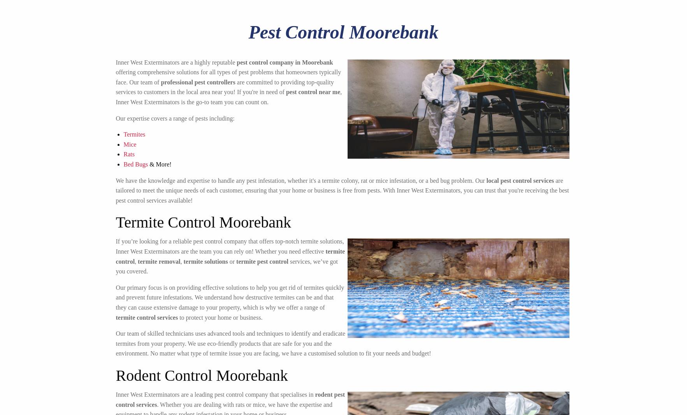 This screenshot has height=415, width=687. I want to click on 'Bed Bugs', so click(135, 164).